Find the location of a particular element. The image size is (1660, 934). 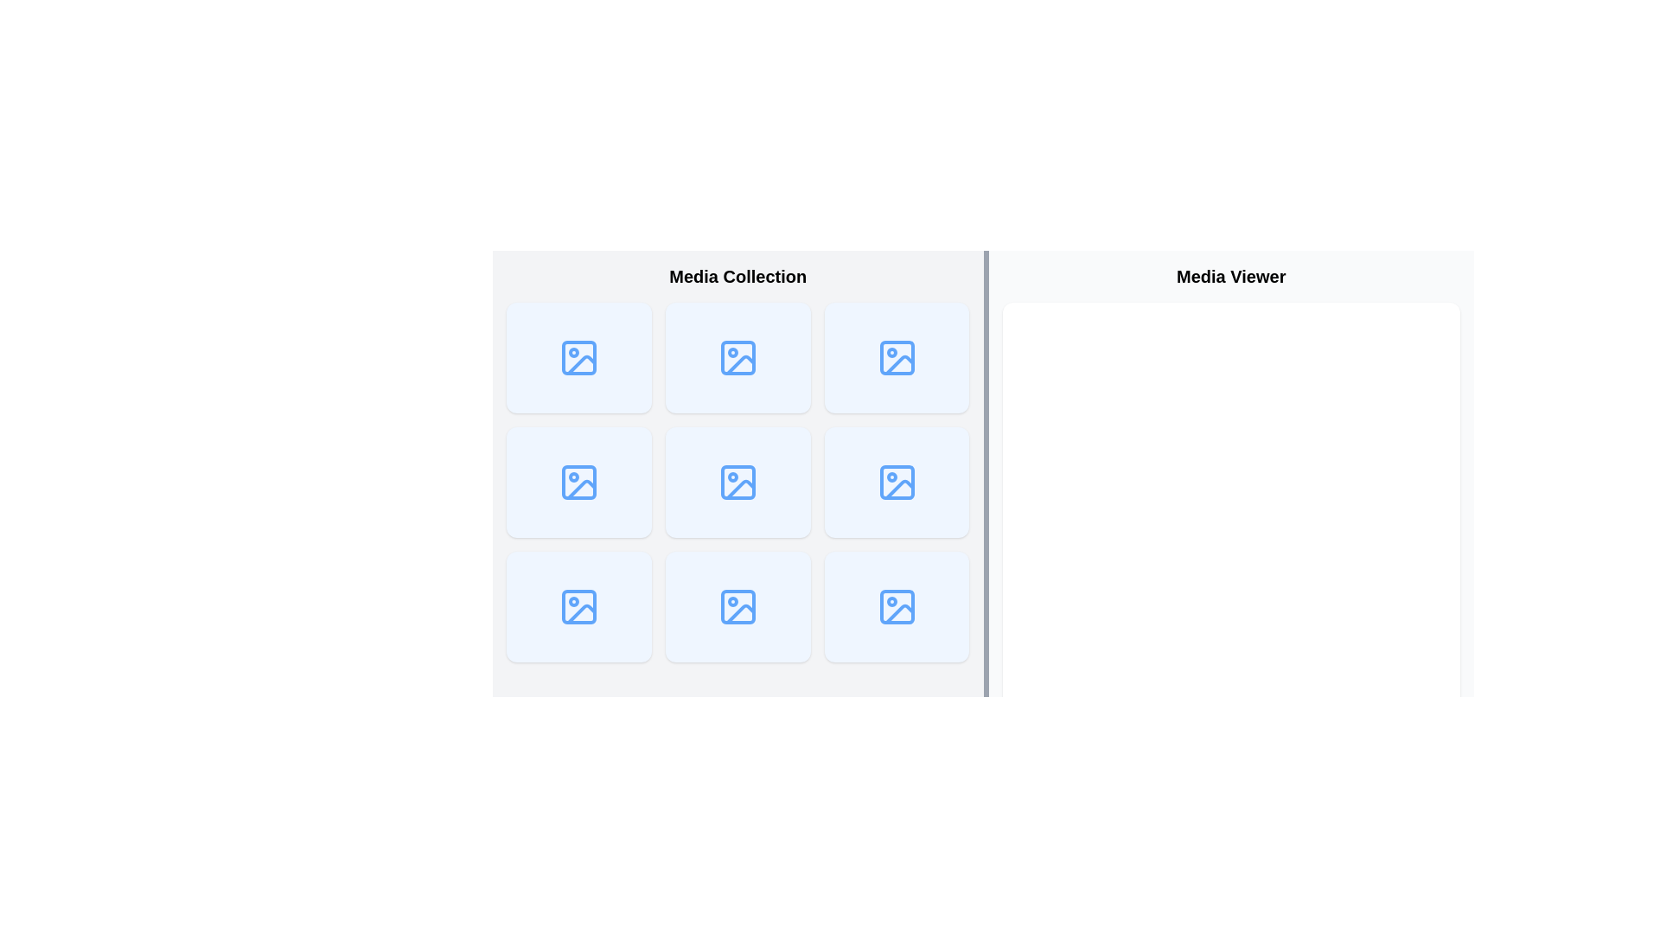

the stylized icon with rounded corners and a circular detail in the top-left corner located in the bottom-middle position of a 3x3 grid is located at coordinates (737, 606).